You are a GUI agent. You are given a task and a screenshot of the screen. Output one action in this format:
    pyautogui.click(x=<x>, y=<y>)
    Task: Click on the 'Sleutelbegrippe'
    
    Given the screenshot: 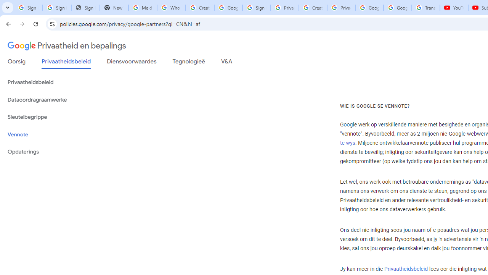 What is the action you would take?
    pyautogui.click(x=58, y=117)
    